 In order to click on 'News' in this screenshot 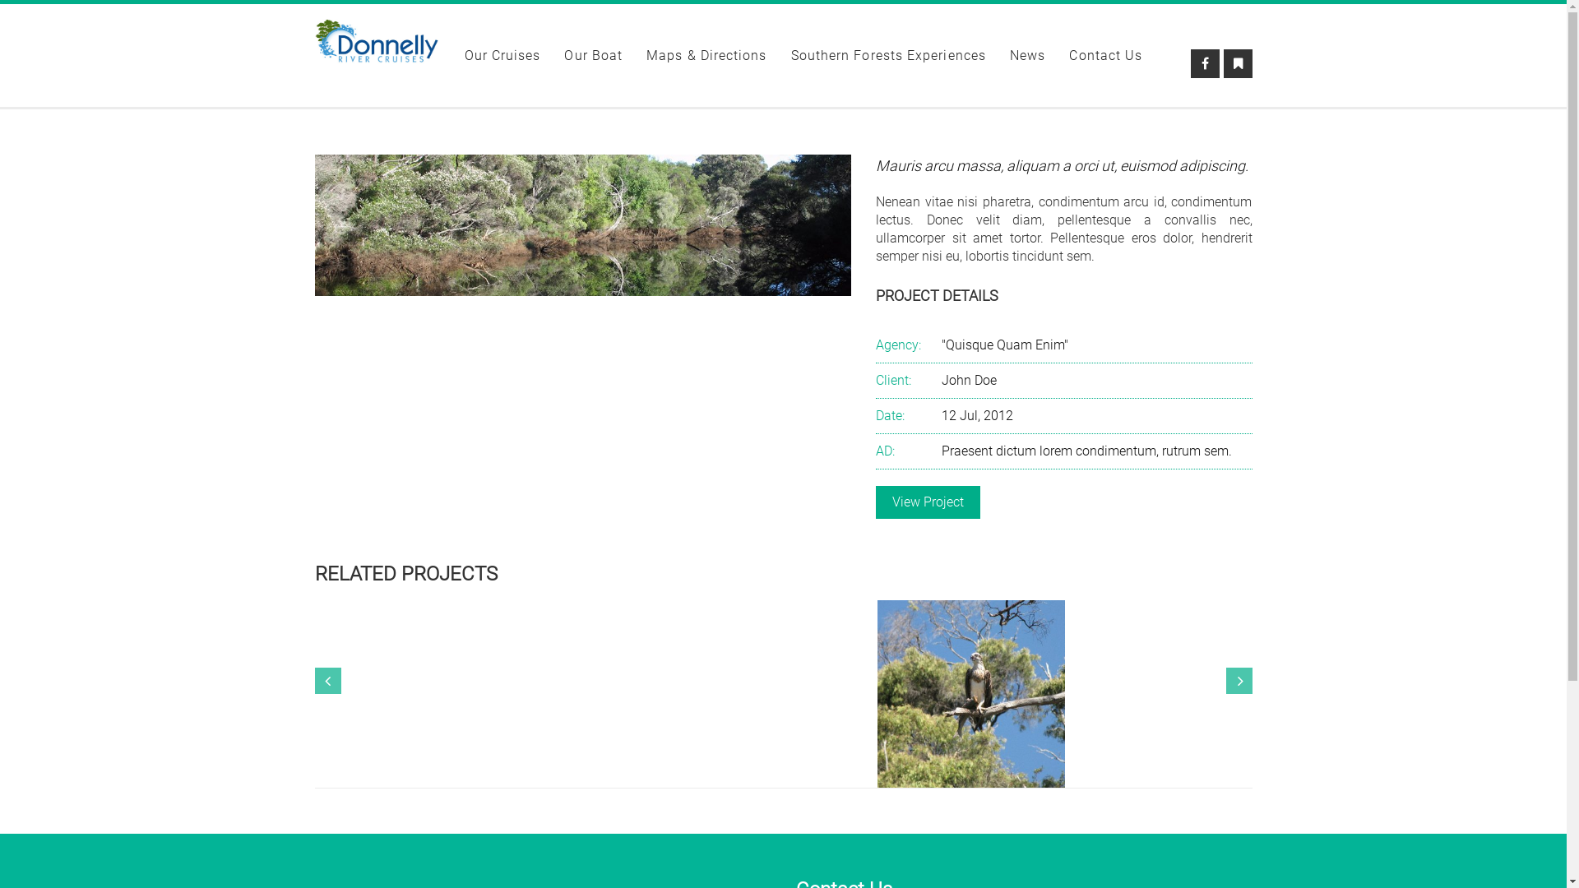, I will do `click(1009, 56)`.